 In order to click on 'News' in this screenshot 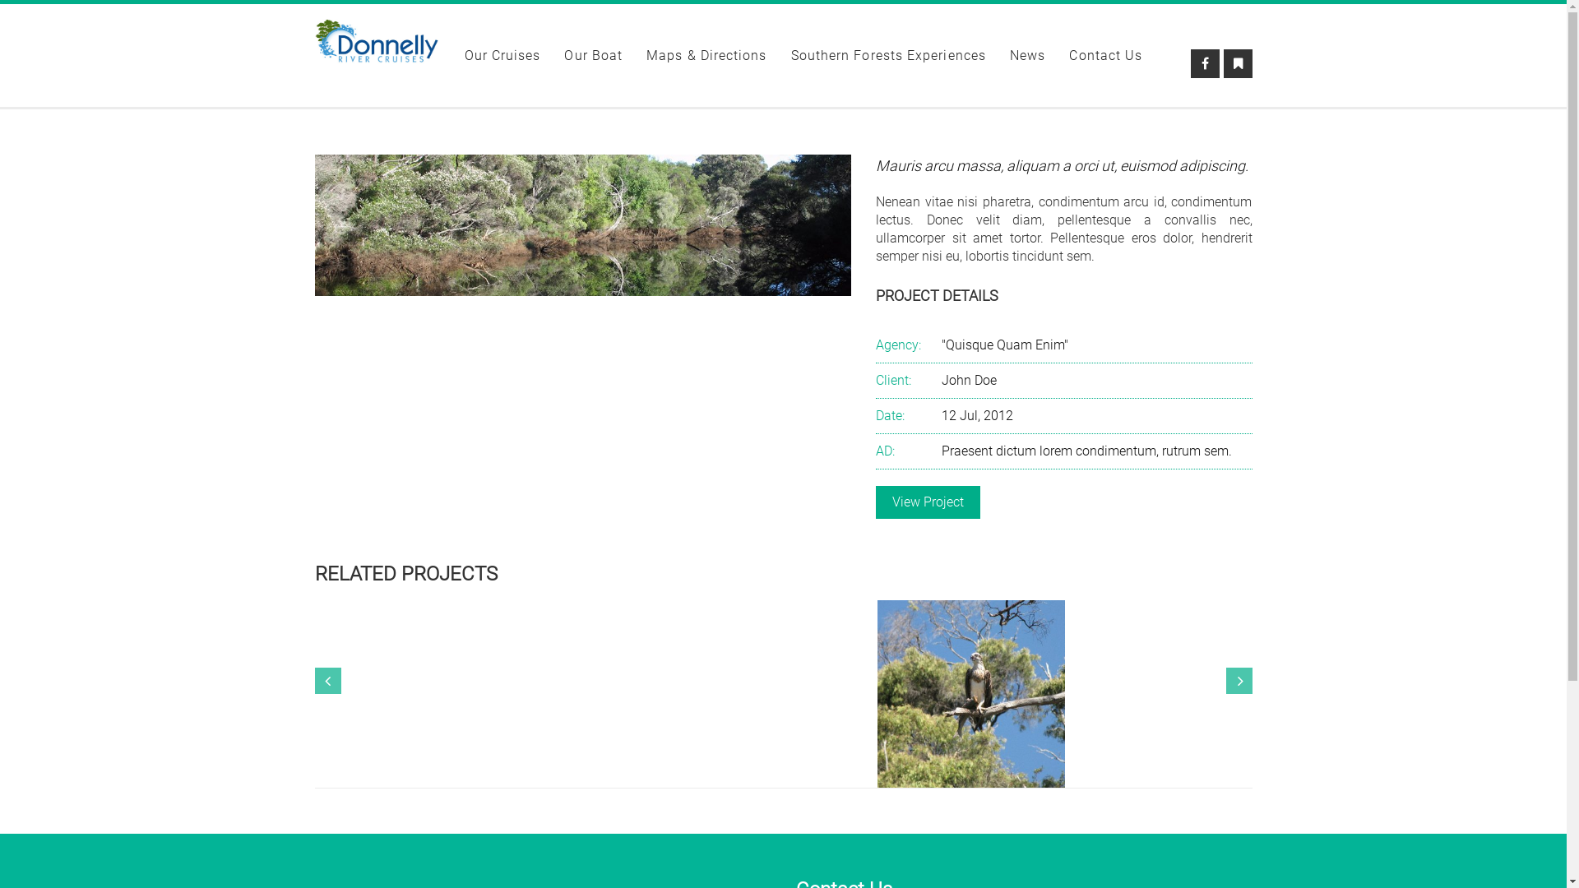, I will do `click(1009, 56)`.